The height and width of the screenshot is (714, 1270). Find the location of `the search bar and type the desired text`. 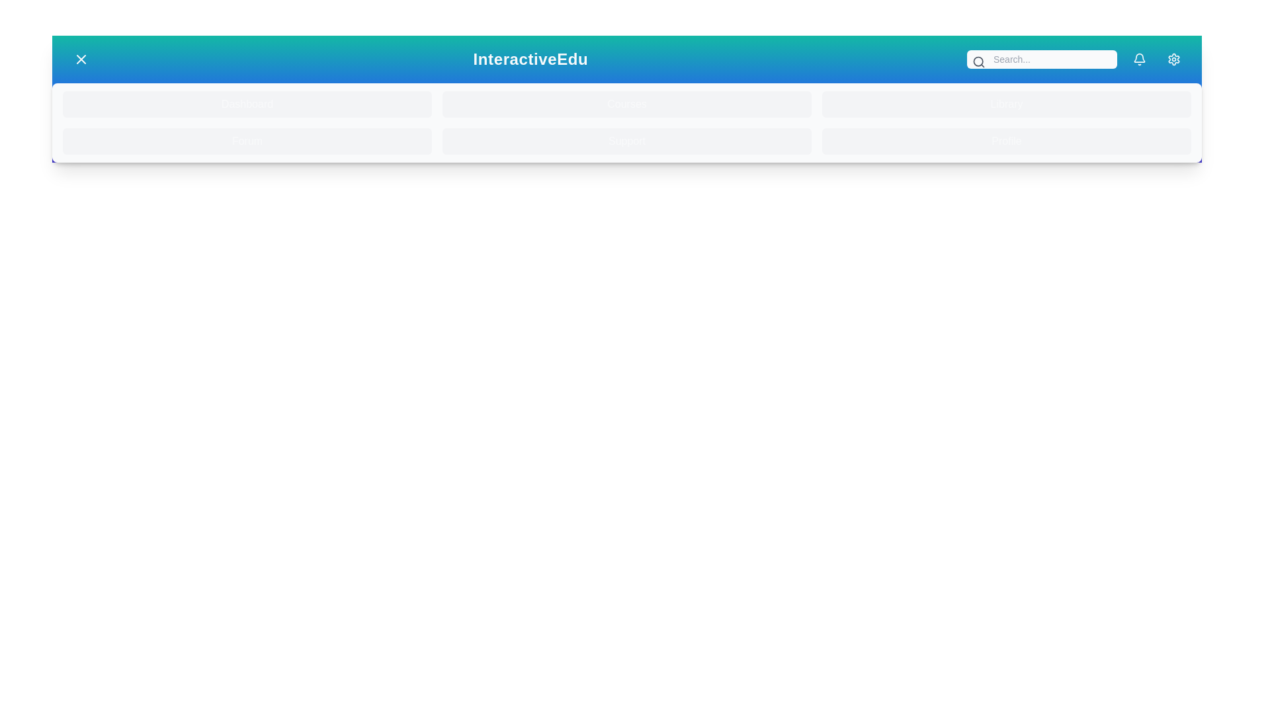

the search bar and type the desired text is located at coordinates (1040, 58).